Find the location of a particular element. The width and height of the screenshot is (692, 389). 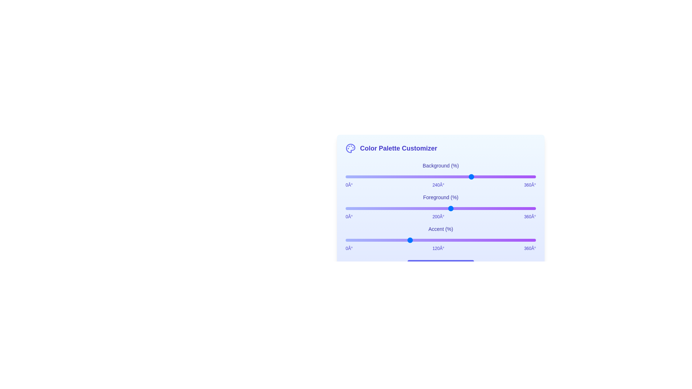

the Accent slider to set its hue to 25 degrees is located at coordinates (359, 240).